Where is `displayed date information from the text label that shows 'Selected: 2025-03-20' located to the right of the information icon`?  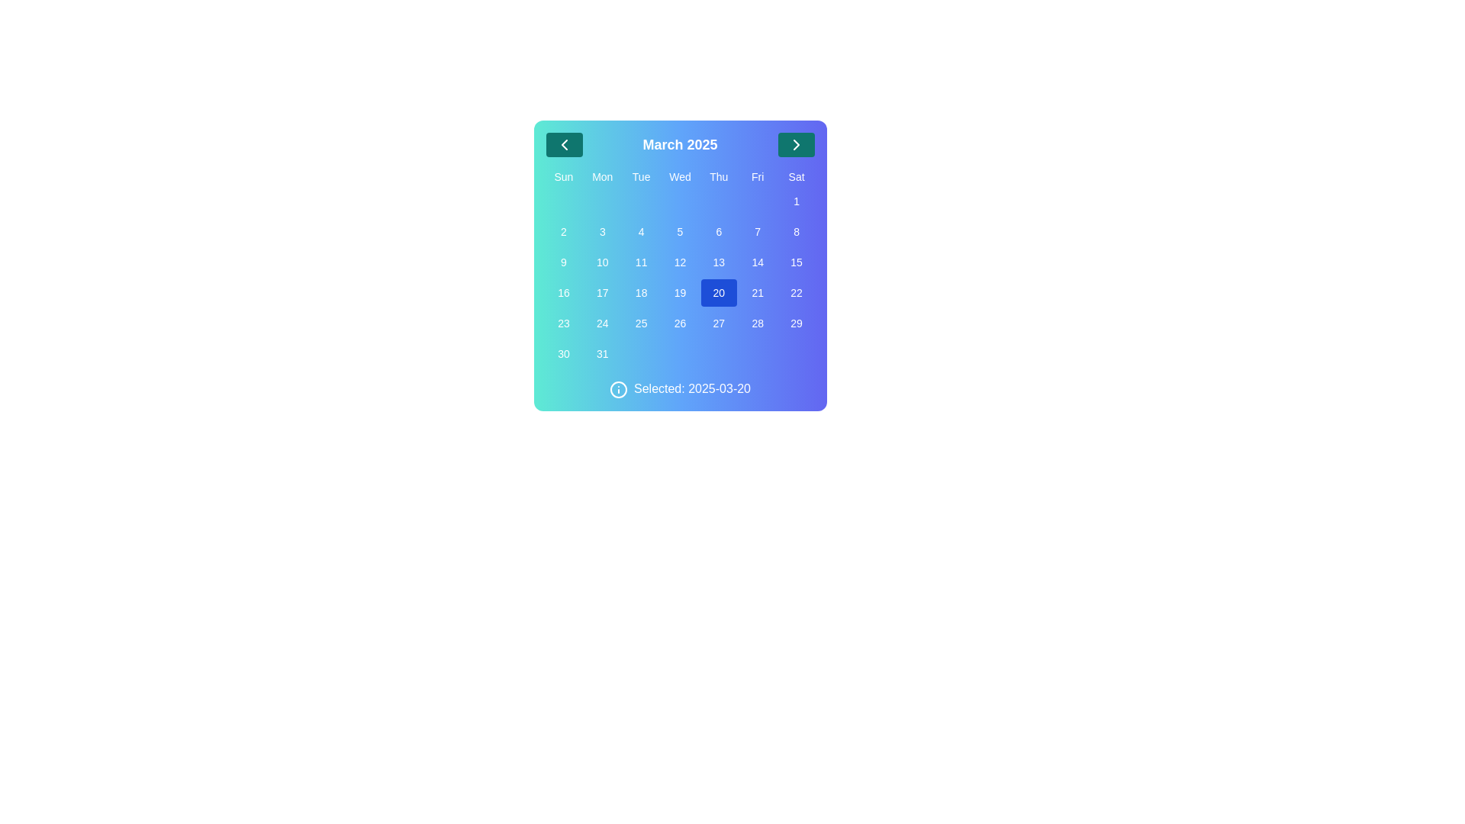
displayed date information from the text label that shows 'Selected: 2025-03-20' located to the right of the information icon is located at coordinates (719, 388).